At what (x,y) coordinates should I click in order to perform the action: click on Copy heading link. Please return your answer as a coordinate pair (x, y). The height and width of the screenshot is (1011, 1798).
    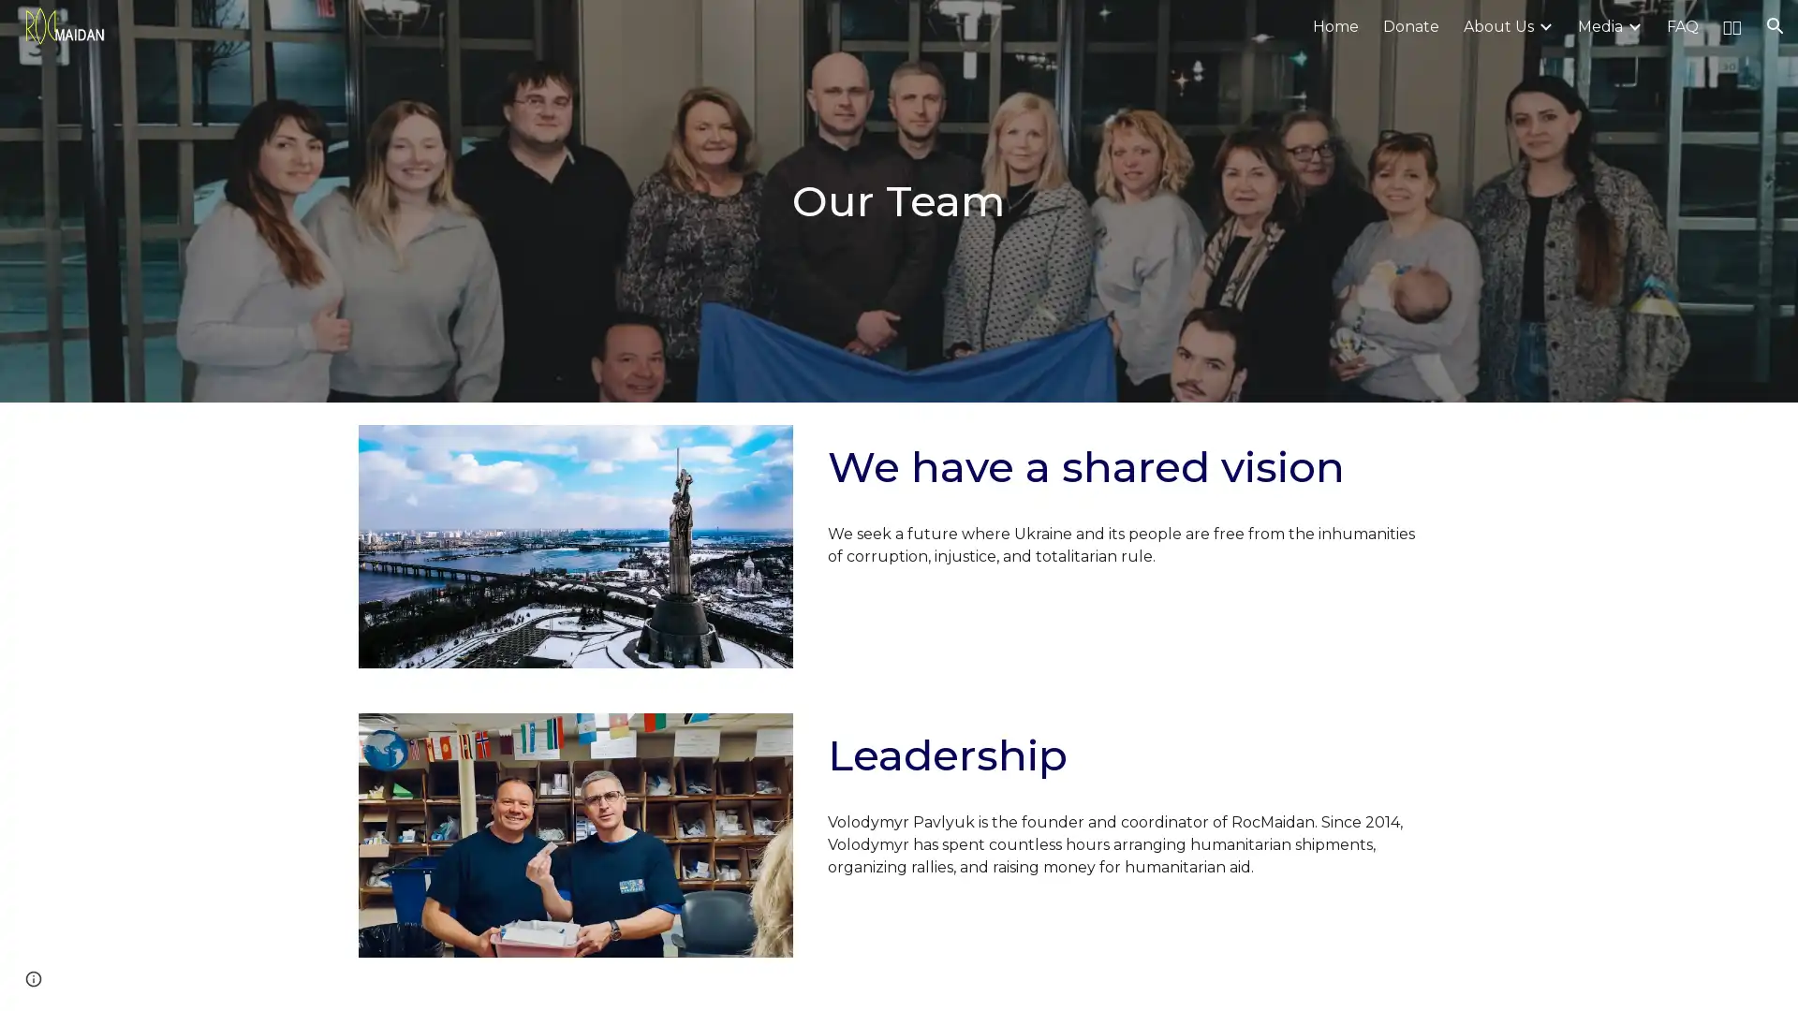
    Looking at the image, I should click on (1366, 465).